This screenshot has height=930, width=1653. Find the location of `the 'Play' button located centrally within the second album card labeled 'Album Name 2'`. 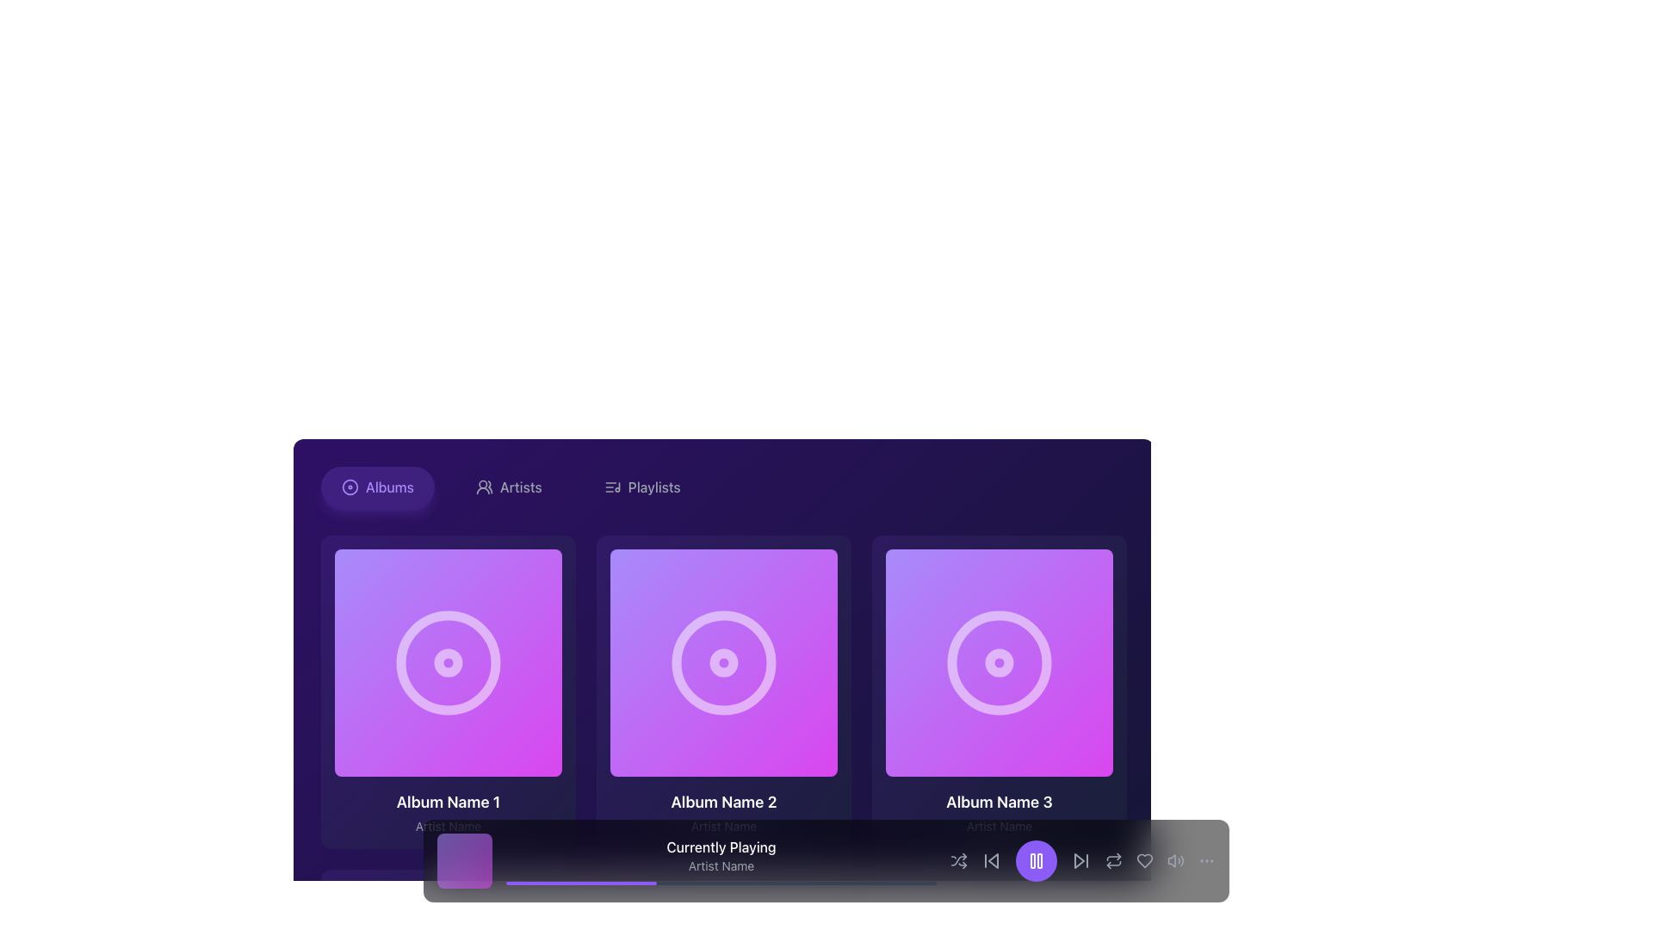

the 'Play' button located centrally within the second album card labeled 'Album Name 2' is located at coordinates (726, 662).